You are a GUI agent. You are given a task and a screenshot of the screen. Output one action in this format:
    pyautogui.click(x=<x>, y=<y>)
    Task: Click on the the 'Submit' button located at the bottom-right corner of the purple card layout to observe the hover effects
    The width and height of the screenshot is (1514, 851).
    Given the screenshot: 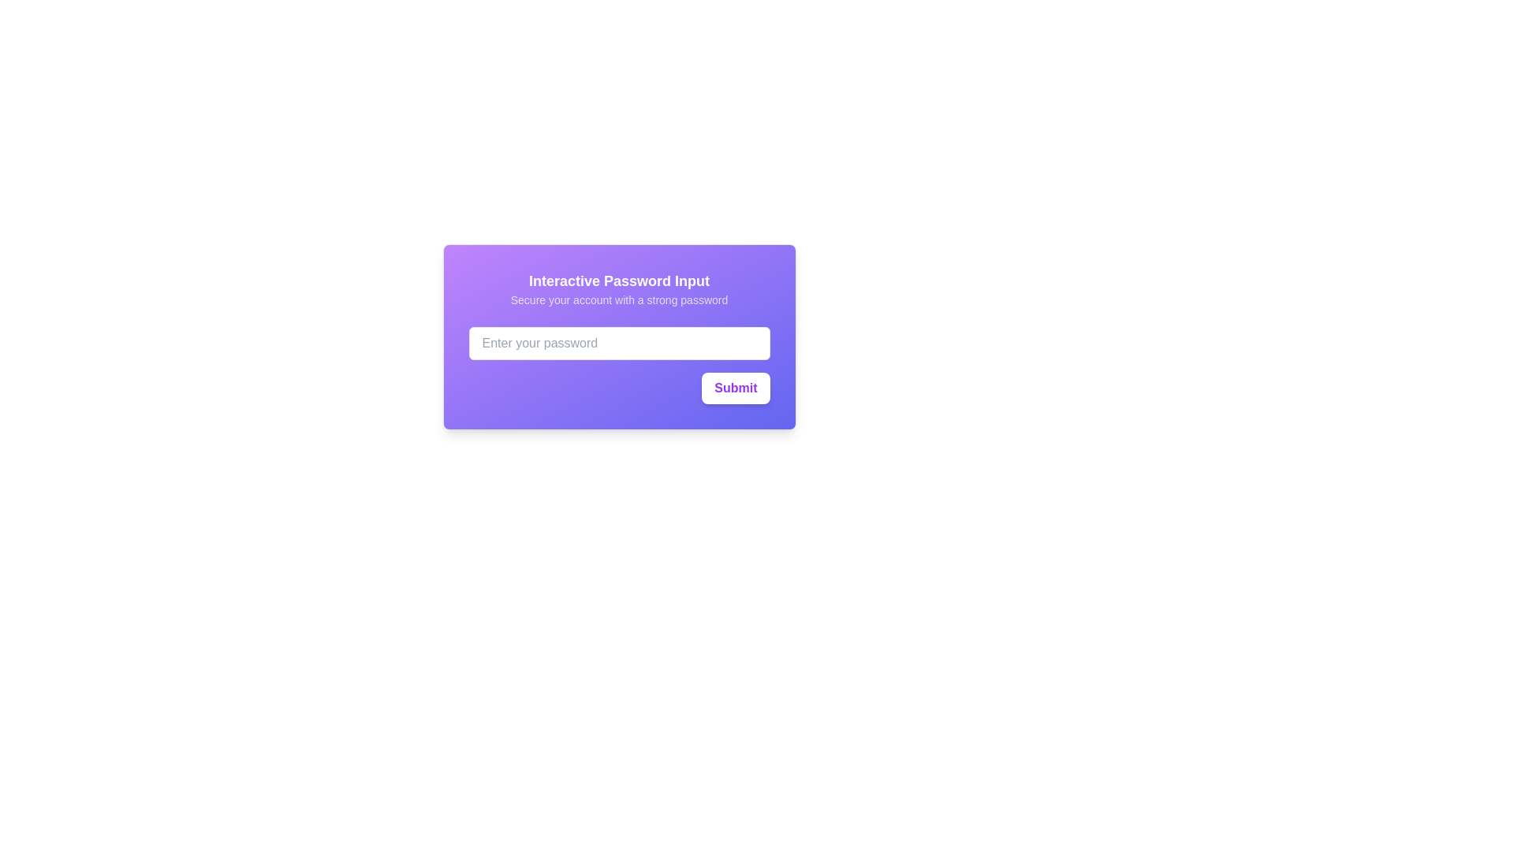 What is the action you would take?
    pyautogui.click(x=735, y=388)
    